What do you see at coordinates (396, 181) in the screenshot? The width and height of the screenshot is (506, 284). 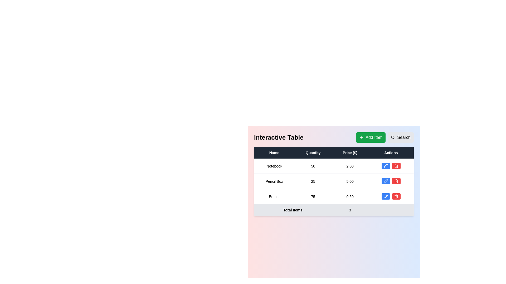 I see `the trash can icon representing the delete action located on the rightmost part of the third row of the table beneath the heading 'Actions'` at bounding box center [396, 181].